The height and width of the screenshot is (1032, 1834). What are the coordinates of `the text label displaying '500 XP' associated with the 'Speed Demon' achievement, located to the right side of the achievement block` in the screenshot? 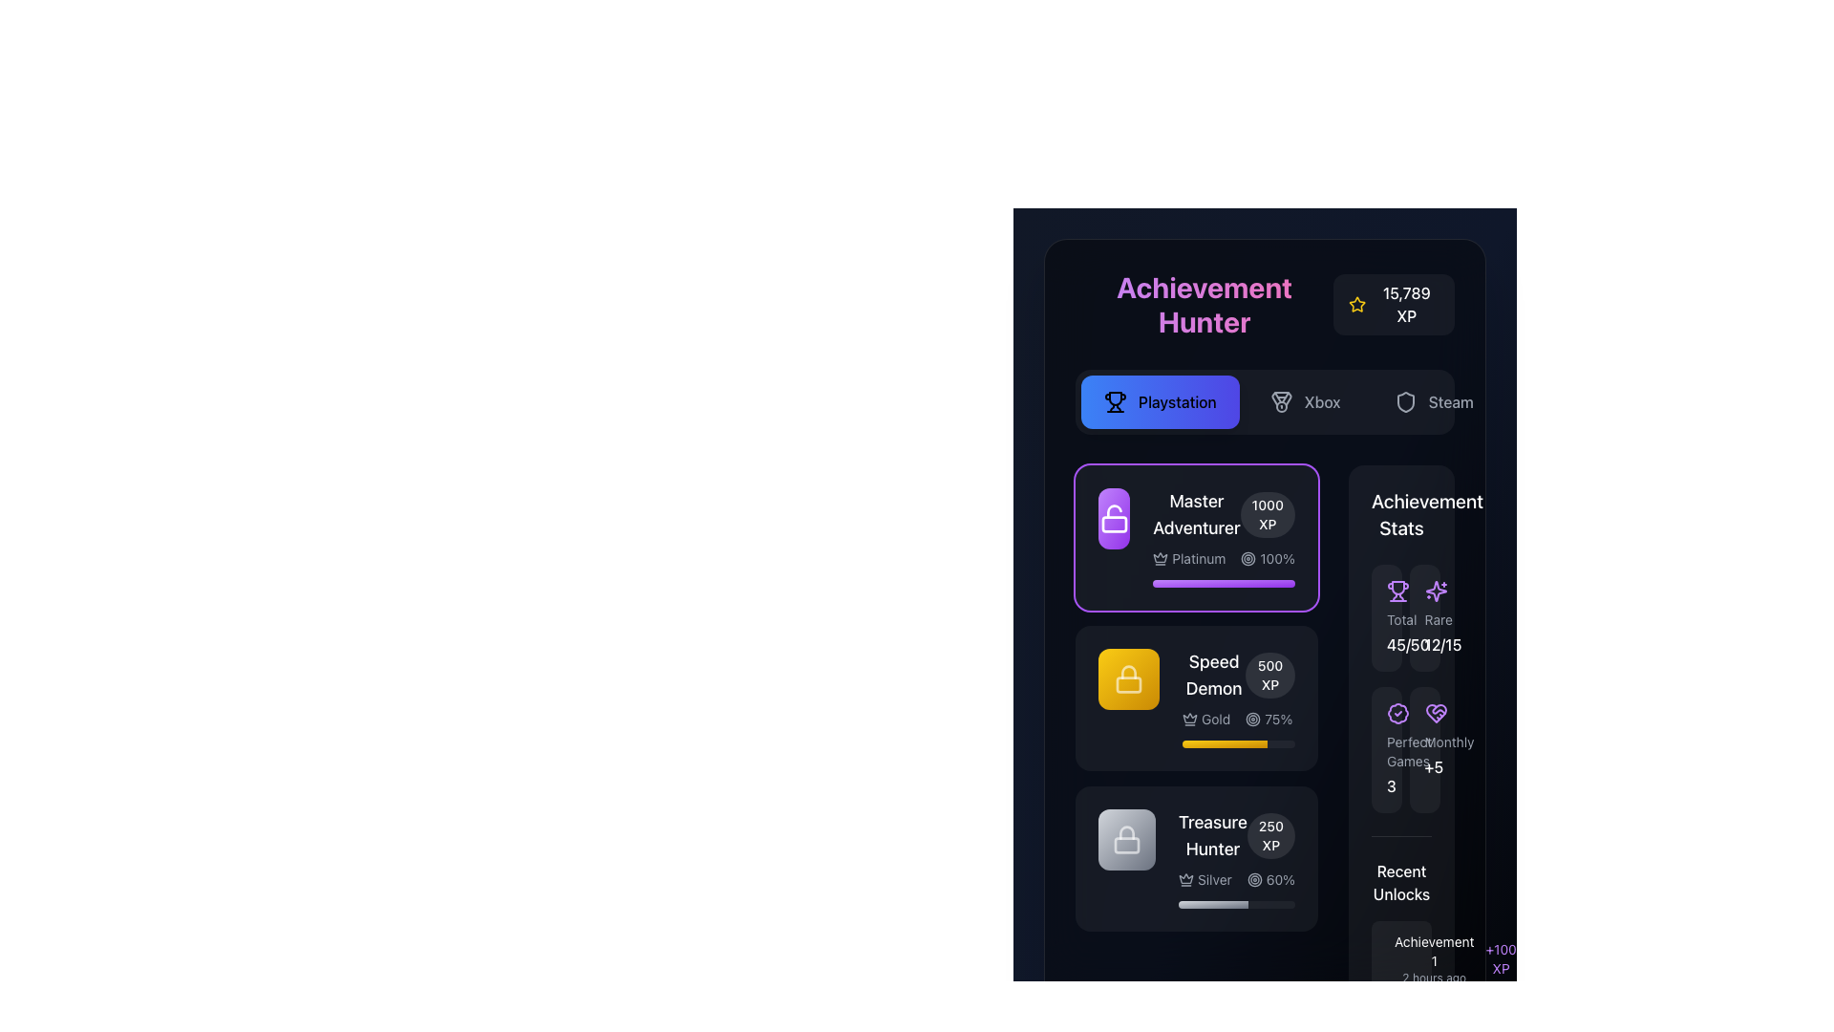 It's located at (1270, 674).